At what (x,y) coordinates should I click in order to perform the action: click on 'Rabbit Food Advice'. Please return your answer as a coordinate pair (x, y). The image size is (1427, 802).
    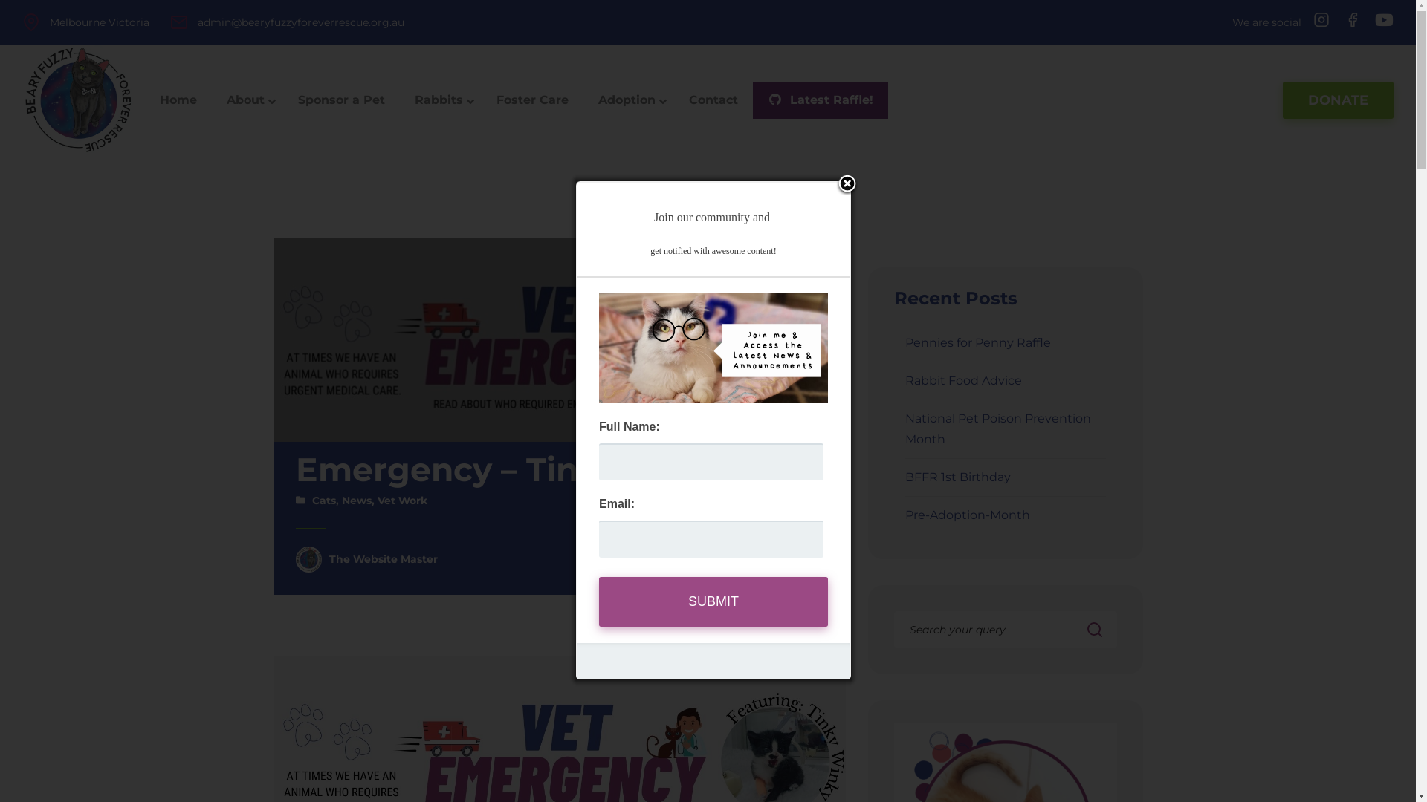
    Looking at the image, I should click on (963, 379).